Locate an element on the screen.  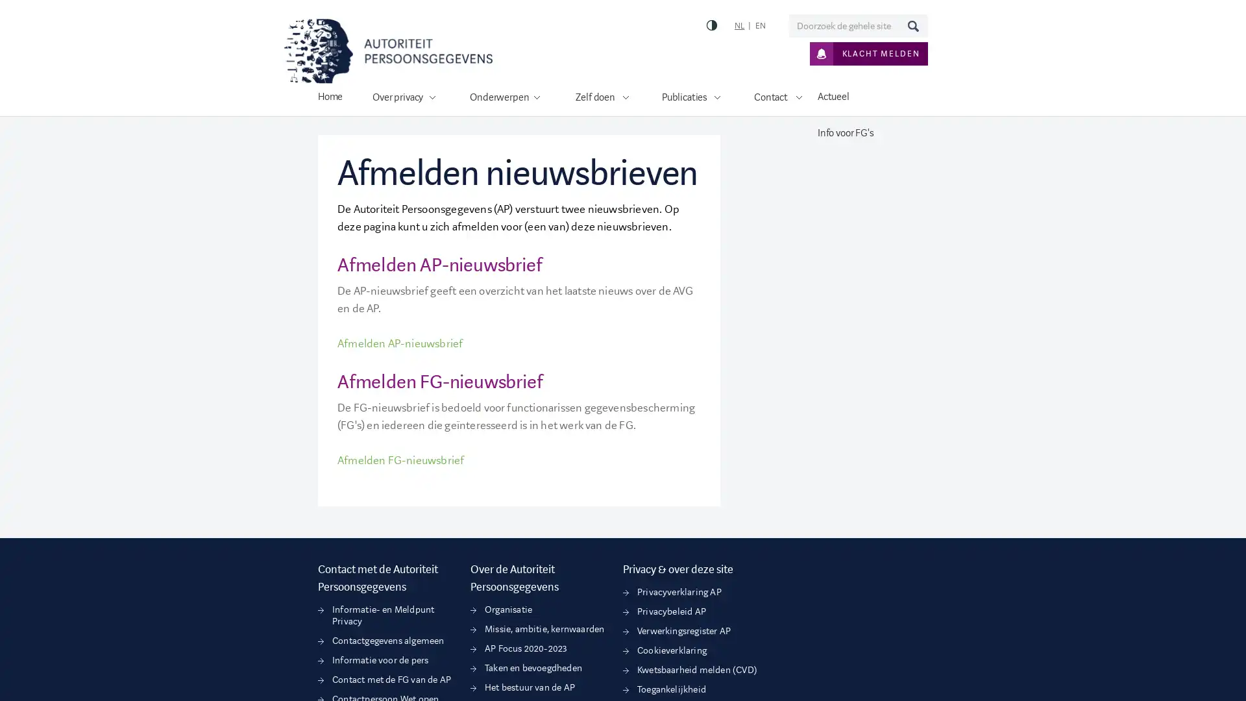
Zoeken is located at coordinates (912, 25).